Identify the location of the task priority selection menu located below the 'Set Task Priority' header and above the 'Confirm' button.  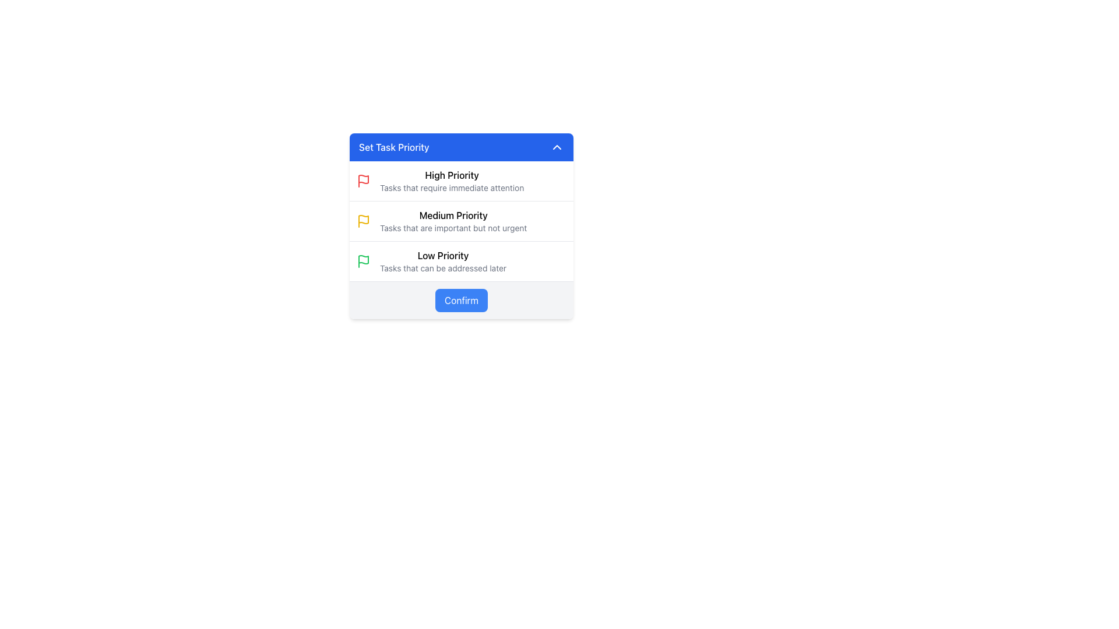
(461, 221).